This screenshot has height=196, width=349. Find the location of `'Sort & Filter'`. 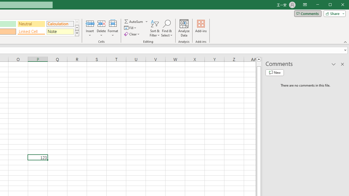

'Sort & Filter' is located at coordinates (154, 28).